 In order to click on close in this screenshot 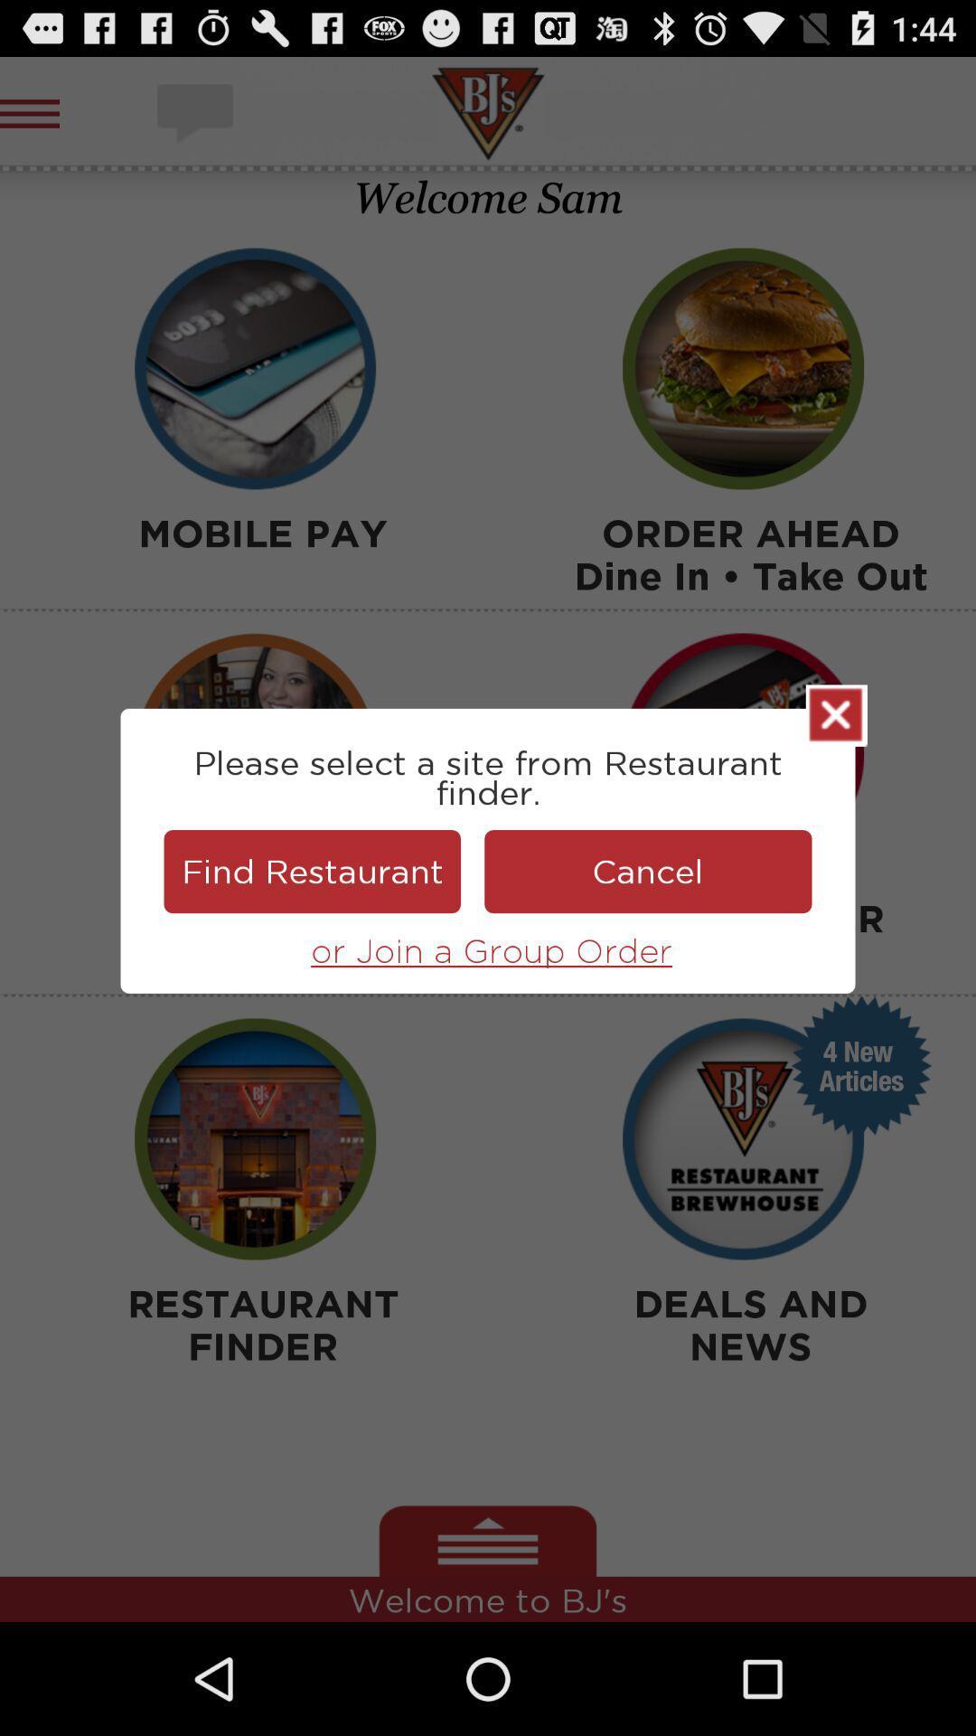, I will do `click(836, 714)`.